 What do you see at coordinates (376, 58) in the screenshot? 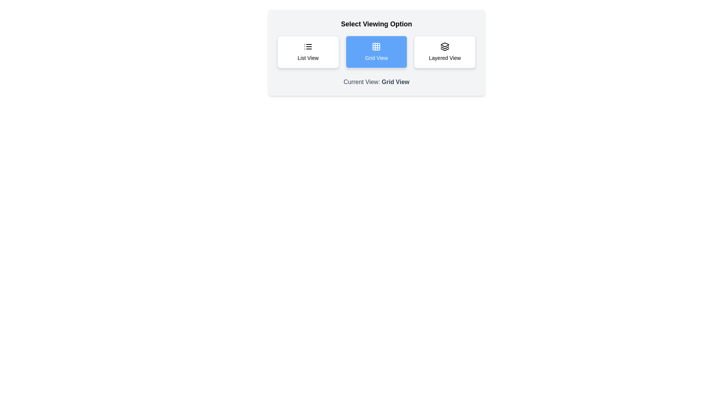
I see `the 'Grid View' text label, which is a small font label situated below a grid icon in a vertically-stacked layout within a button` at bounding box center [376, 58].